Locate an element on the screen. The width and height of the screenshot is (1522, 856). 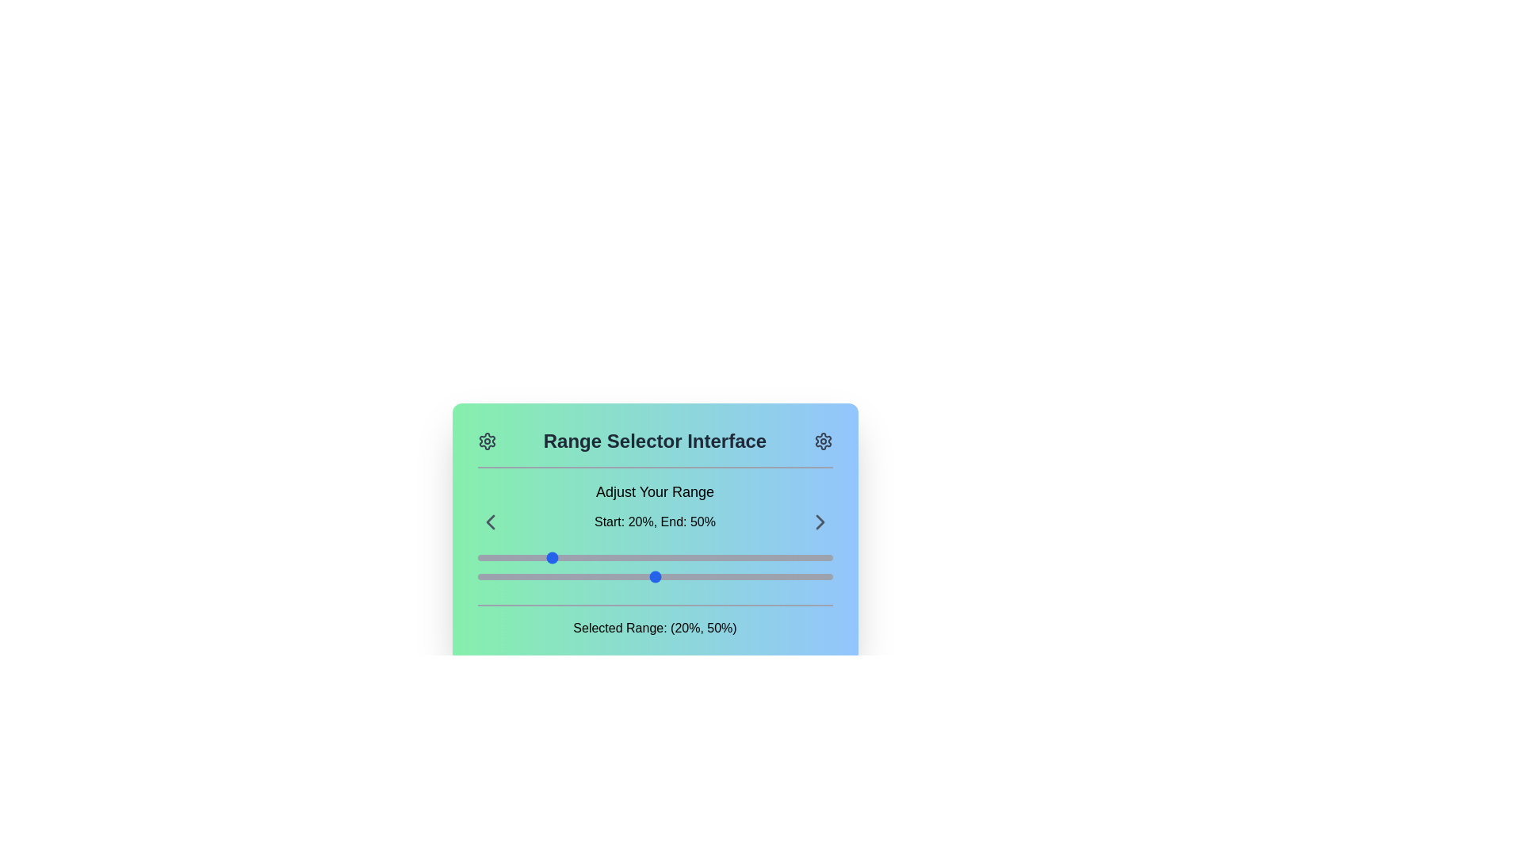
the cogwheel-shaped icon on the far left of the horizontal row is located at coordinates (823, 441).